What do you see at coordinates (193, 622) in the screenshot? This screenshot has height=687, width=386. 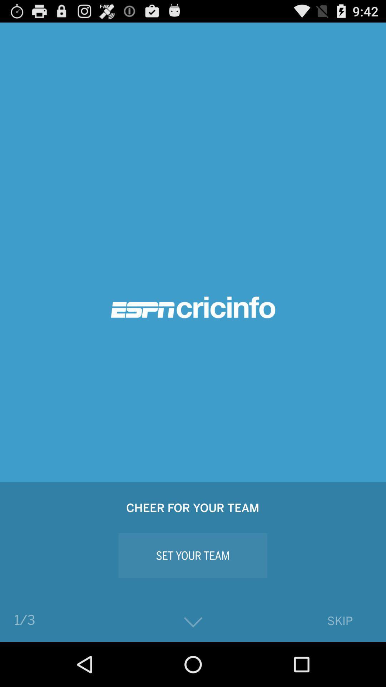 I see `icon next to the skip button` at bounding box center [193, 622].